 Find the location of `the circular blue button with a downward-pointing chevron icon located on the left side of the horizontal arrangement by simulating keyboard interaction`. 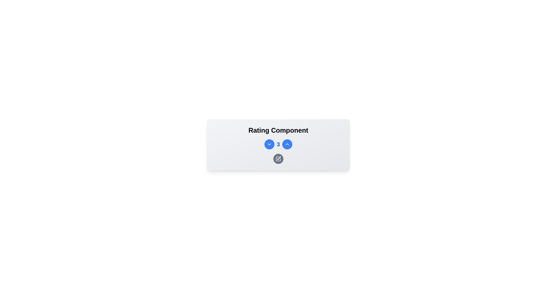

the circular blue button with a downward-pointing chevron icon located on the left side of the horizontal arrangement by simulating keyboard interaction is located at coordinates (269, 144).